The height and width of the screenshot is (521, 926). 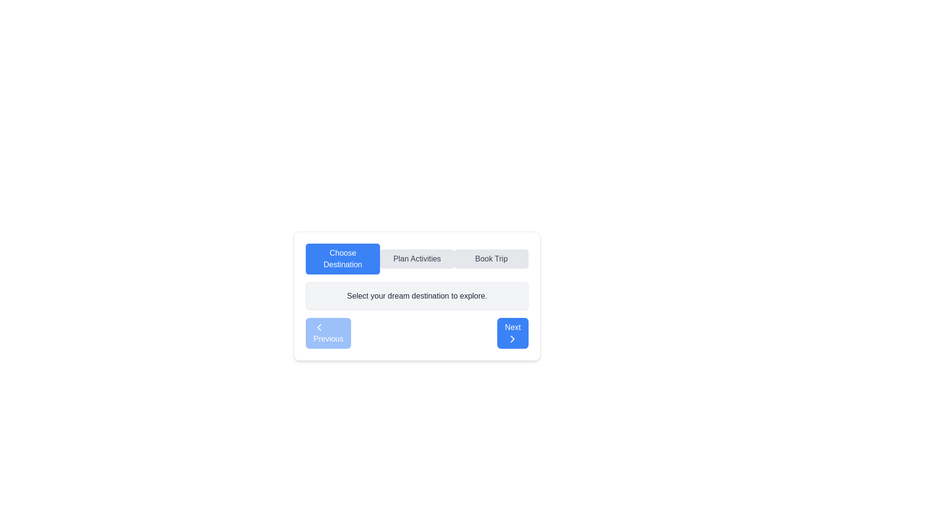 What do you see at coordinates (512, 338) in the screenshot?
I see `the decorative icon located on the right side of the 'Next' button, which indicates the action direction for the 'Next' button` at bounding box center [512, 338].